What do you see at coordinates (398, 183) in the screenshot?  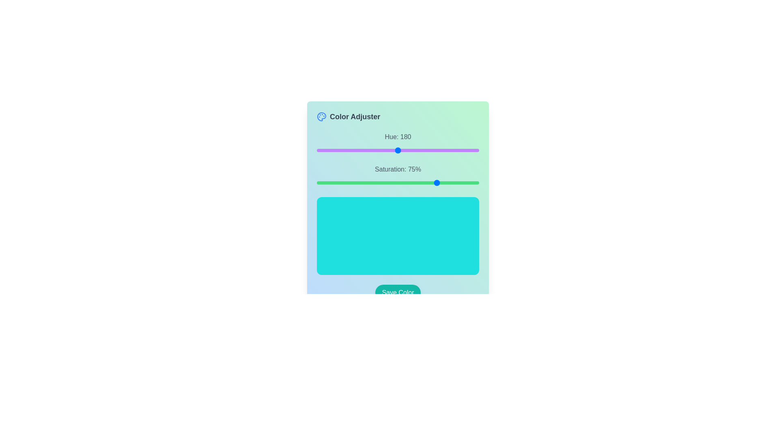 I see `the range slider styled with a green track and a blue circular handle at its 75% mark, which is located below the label 'Saturation: 75%'` at bounding box center [398, 183].